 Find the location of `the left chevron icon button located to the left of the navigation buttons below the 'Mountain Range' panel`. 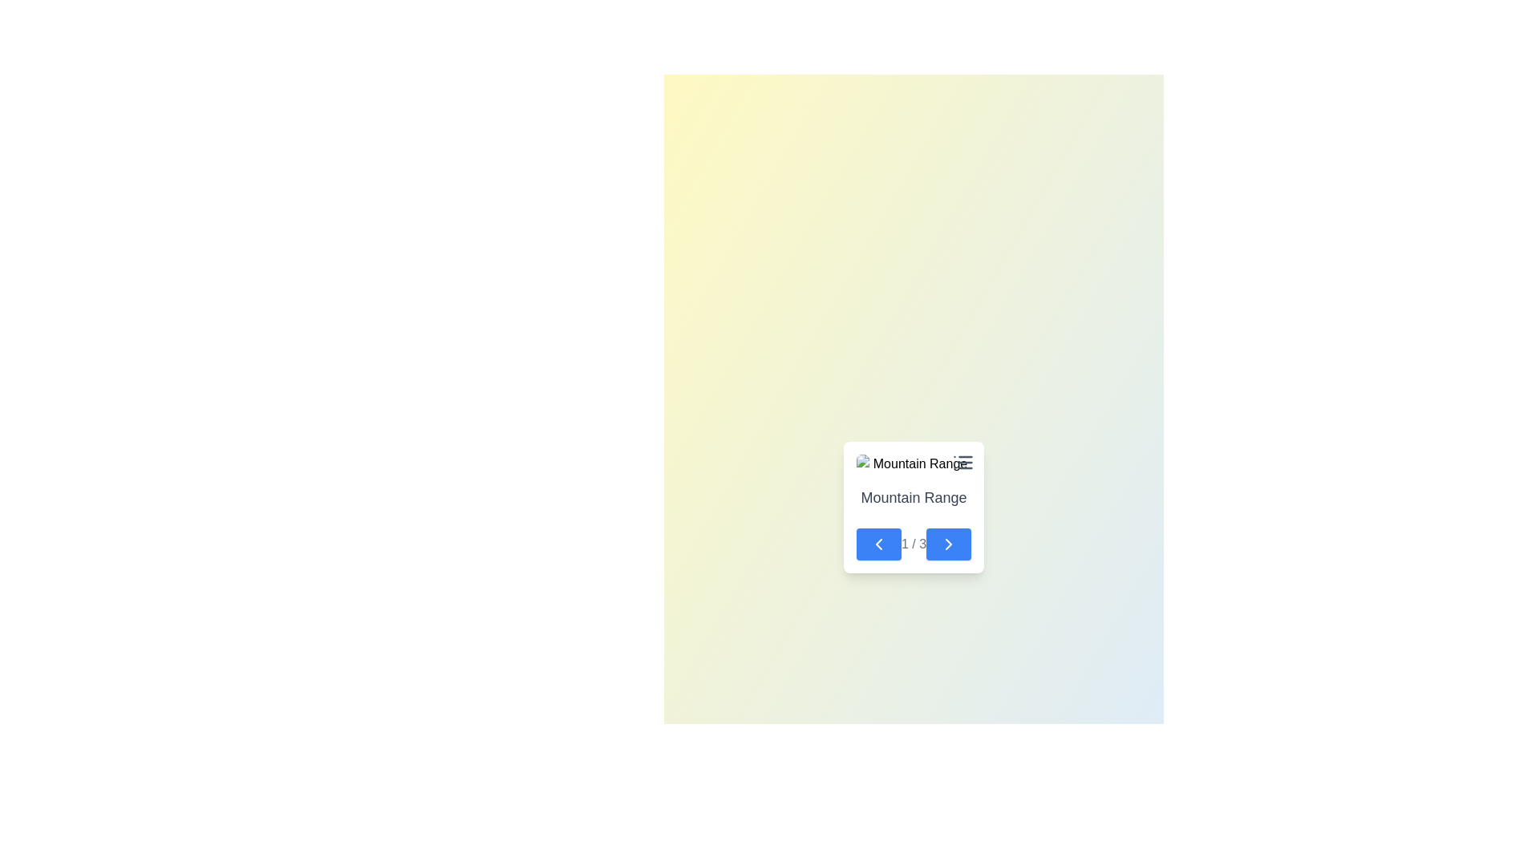

the left chevron icon button located to the left of the navigation buttons below the 'Mountain Range' panel is located at coordinates (877, 543).